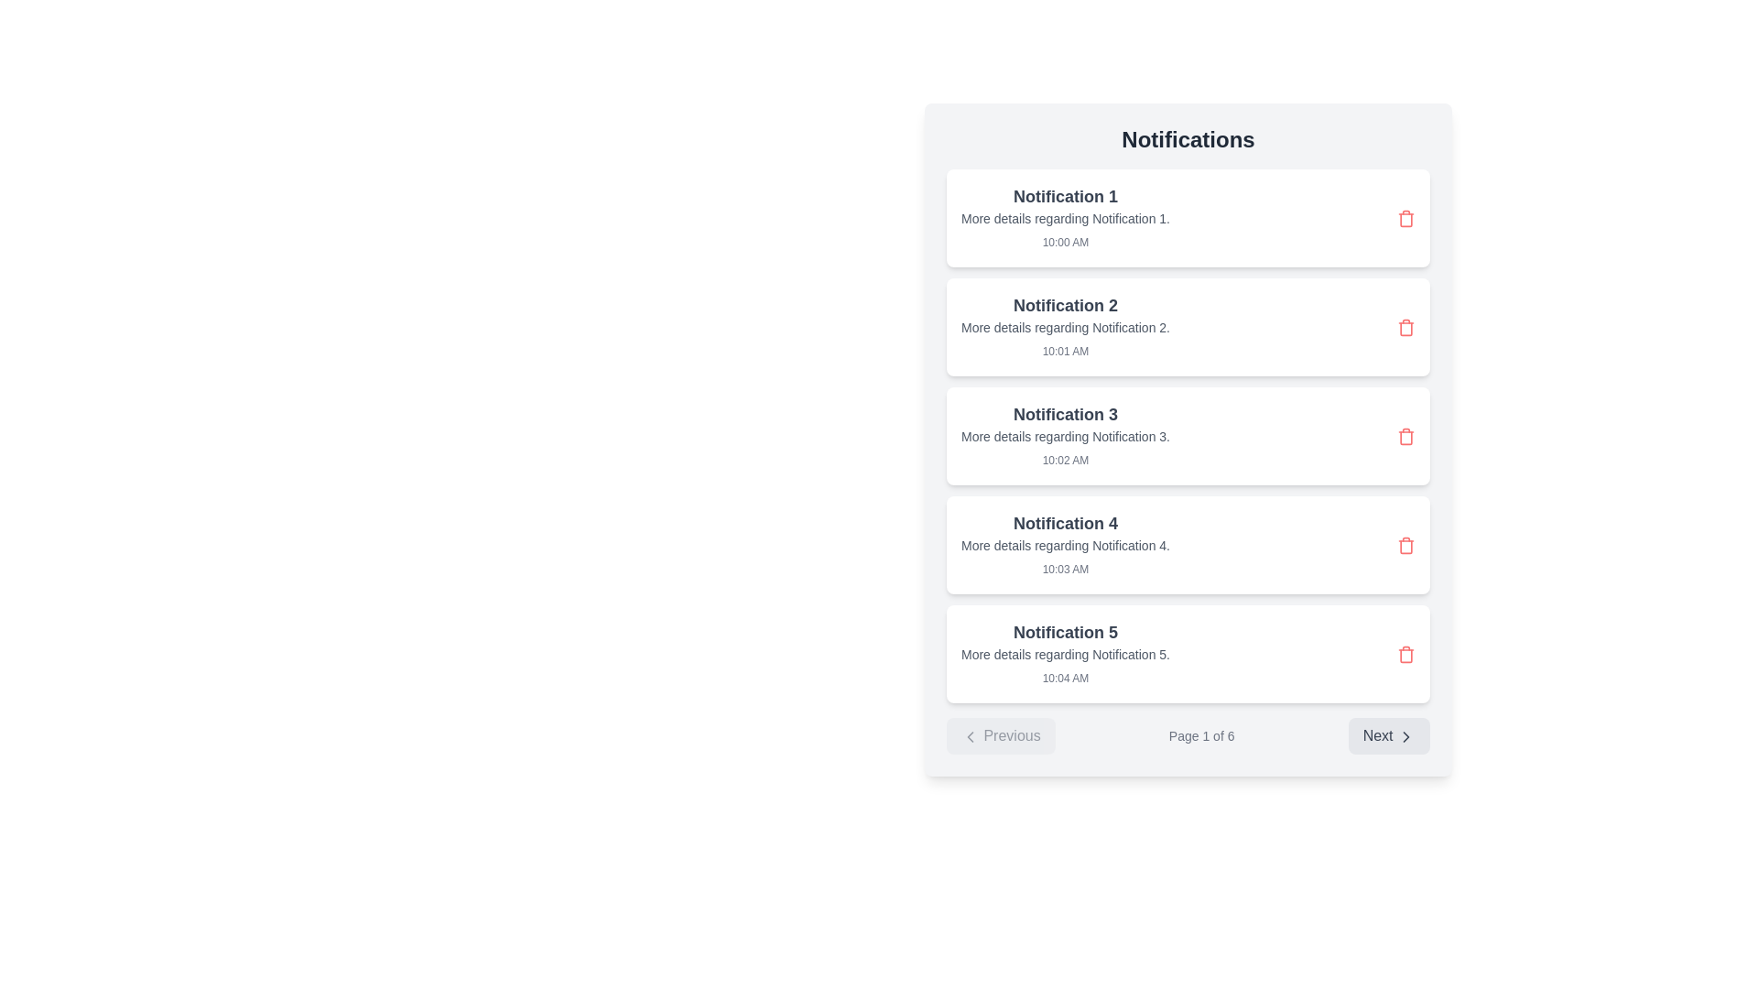 The height and width of the screenshot is (989, 1758). Describe the element at coordinates (1066, 568) in the screenshot. I see `the timestamp label indicating when 'Notification 4' occurred, located in the bottom-right section of its notification card` at that location.